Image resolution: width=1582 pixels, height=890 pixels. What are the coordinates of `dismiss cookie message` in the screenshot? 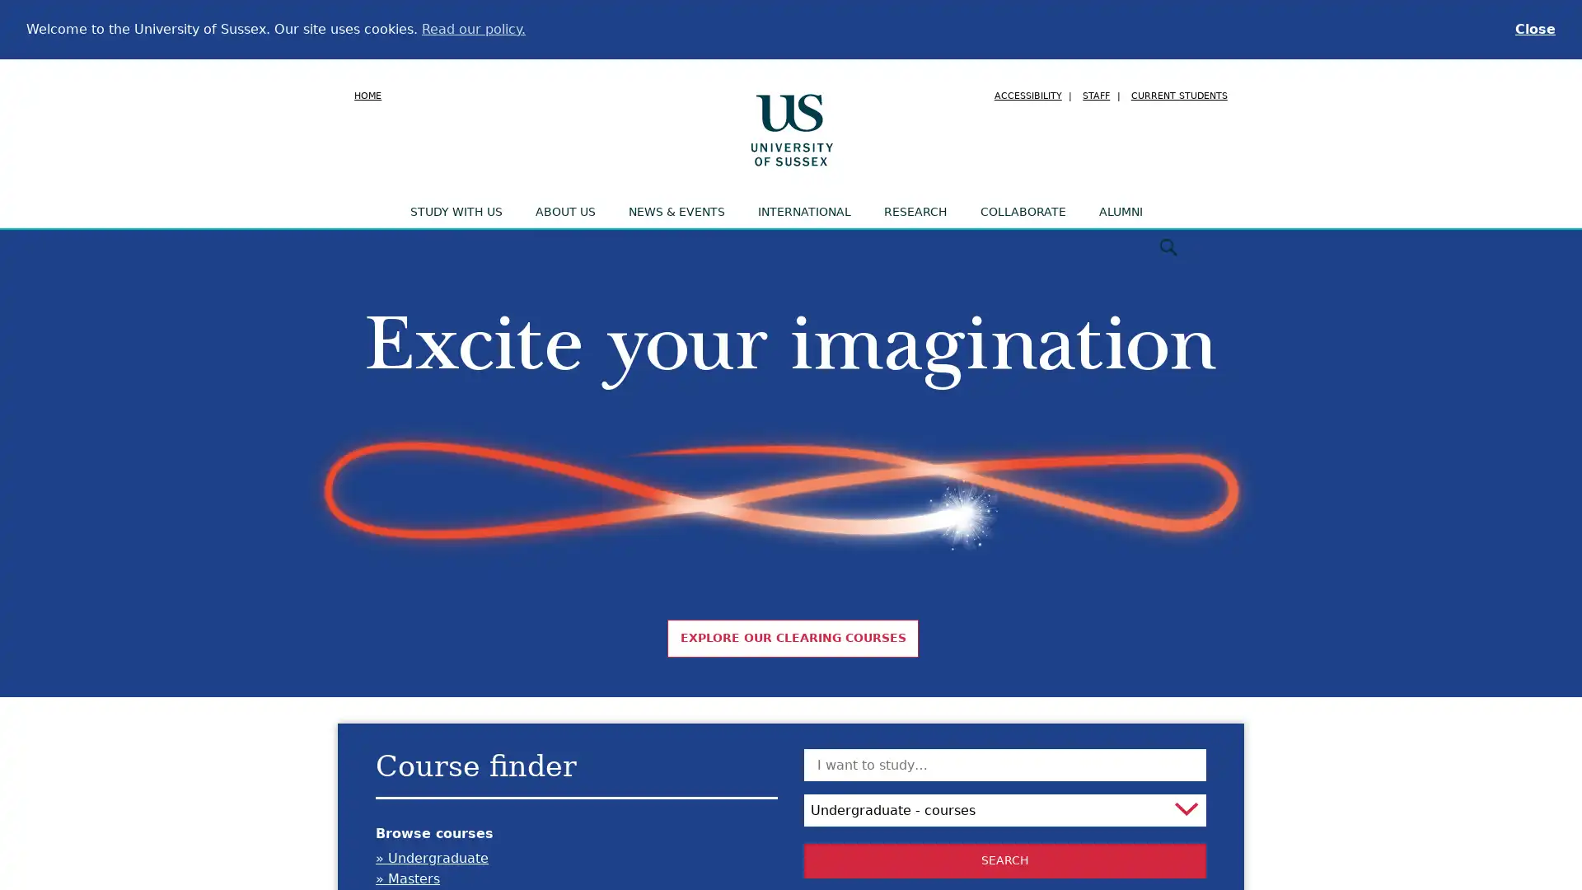 It's located at (1534, 29).